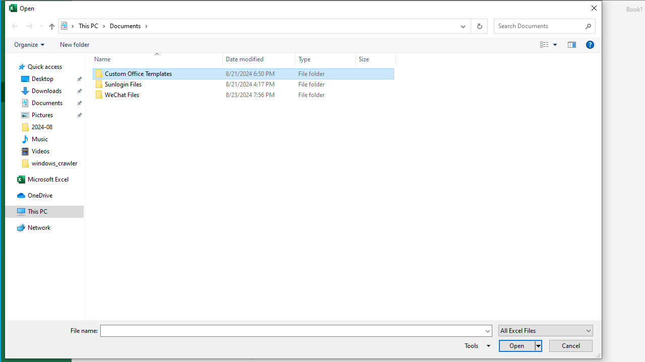 This screenshot has height=362, width=645. Describe the element at coordinates (539, 25) in the screenshot. I see `'Search Box'` at that location.